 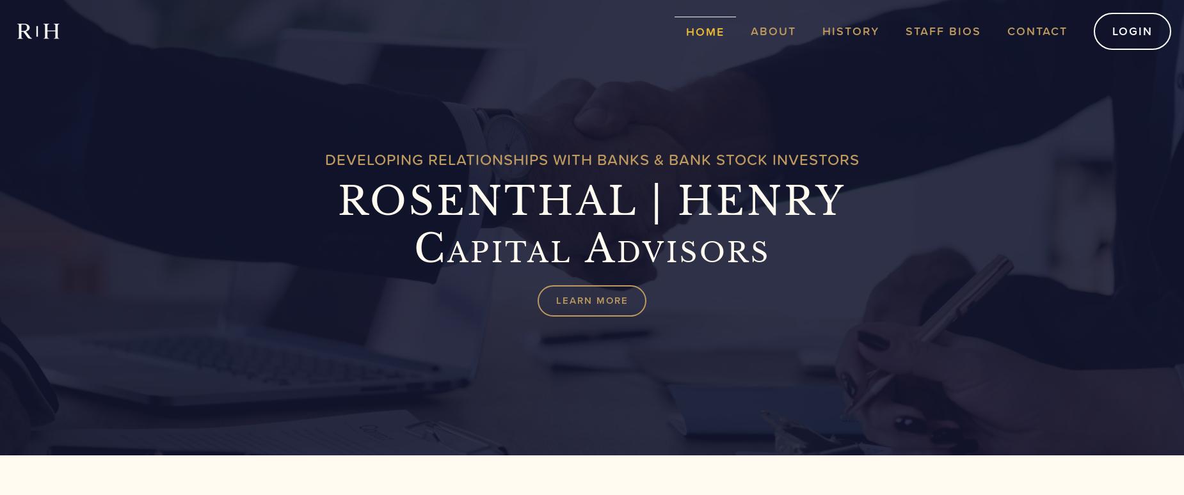 I want to click on 'ROSENTHAL | HENRY', so click(x=592, y=201).